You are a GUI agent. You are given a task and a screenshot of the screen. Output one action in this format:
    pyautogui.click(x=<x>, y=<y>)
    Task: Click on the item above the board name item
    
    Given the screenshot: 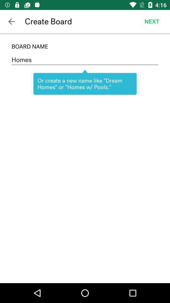 What is the action you would take?
    pyautogui.click(x=151, y=21)
    